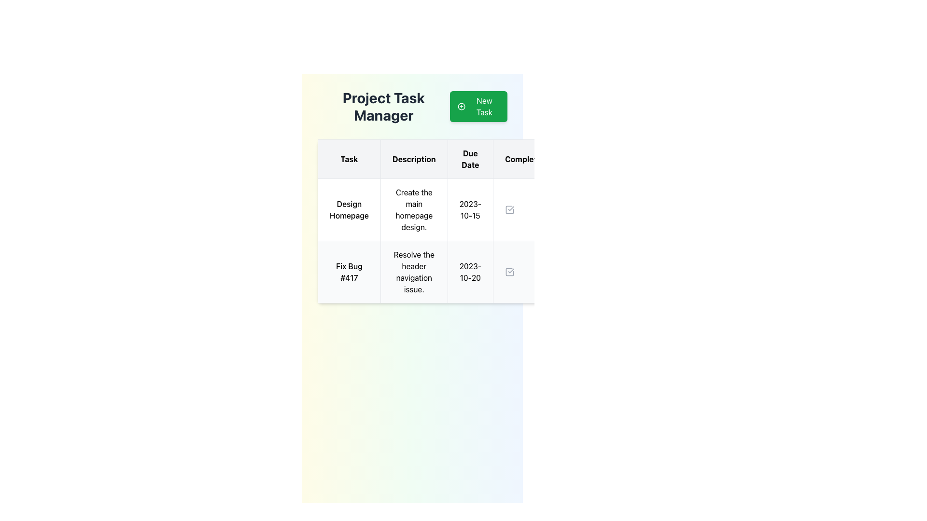 This screenshot has height=521, width=927. Describe the element at coordinates (509, 209) in the screenshot. I see `the checkbox located in the 'Complete' column for the task 'Design Homepage'` at that location.